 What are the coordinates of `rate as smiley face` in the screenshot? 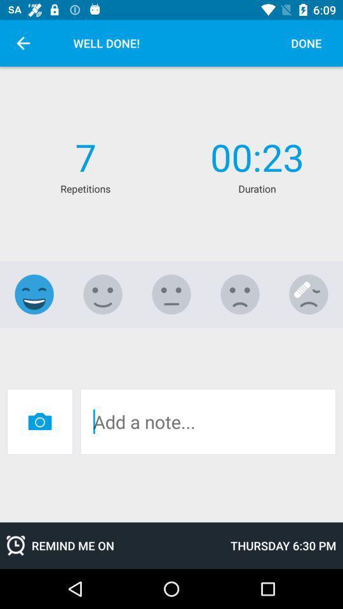 It's located at (34, 294).